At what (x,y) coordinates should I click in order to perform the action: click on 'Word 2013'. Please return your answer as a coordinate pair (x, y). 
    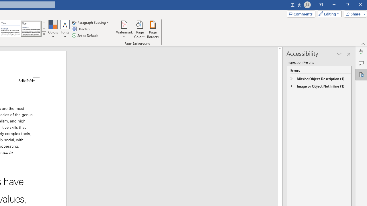
    Looking at the image, I should click on (31, 29).